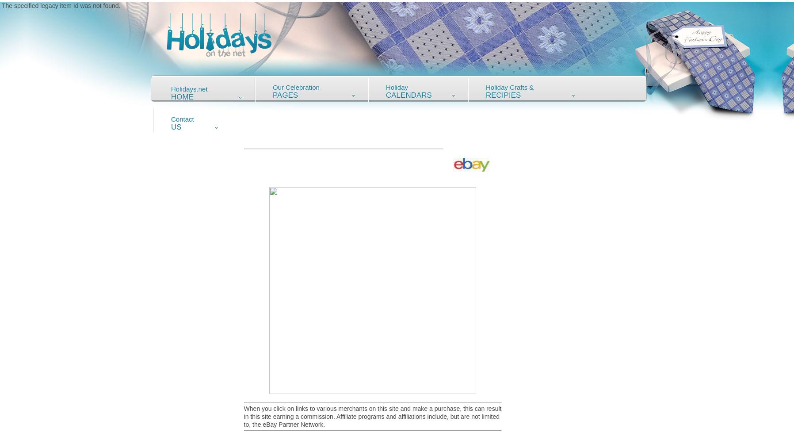 This screenshot has height=448, width=794. Describe the element at coordinates (176, 126) in the screenshot. I see `'Us'` at that location.